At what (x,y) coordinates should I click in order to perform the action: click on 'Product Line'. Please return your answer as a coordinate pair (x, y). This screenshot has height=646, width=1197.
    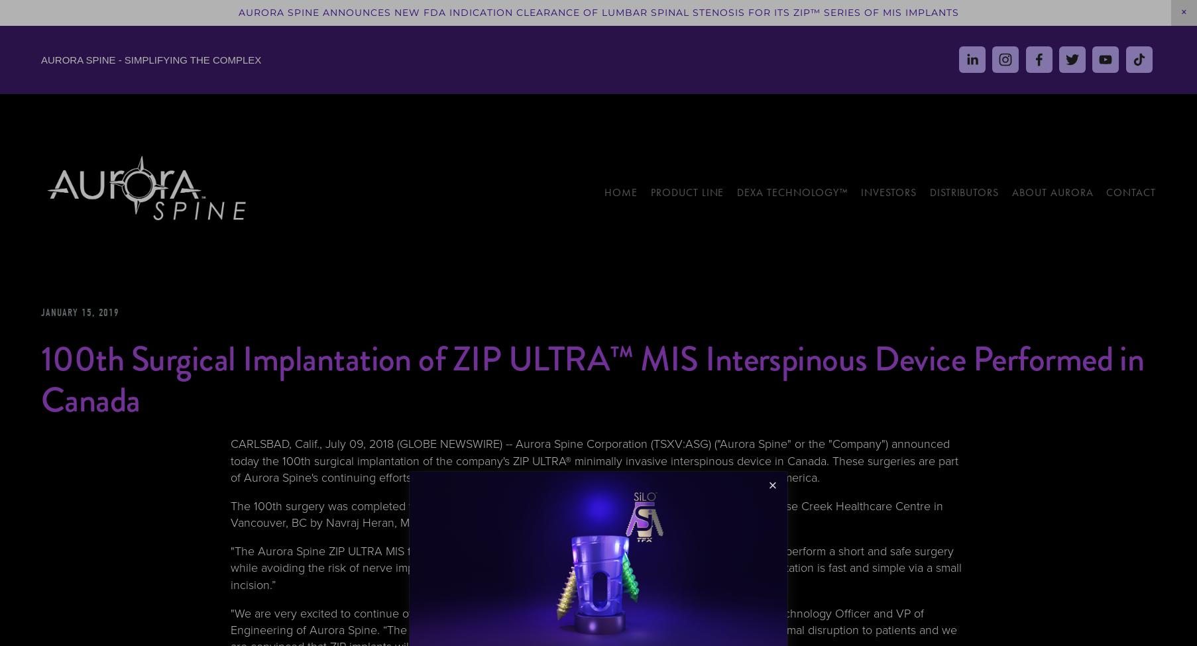
    Looking at the image, I should click on (686, 191).